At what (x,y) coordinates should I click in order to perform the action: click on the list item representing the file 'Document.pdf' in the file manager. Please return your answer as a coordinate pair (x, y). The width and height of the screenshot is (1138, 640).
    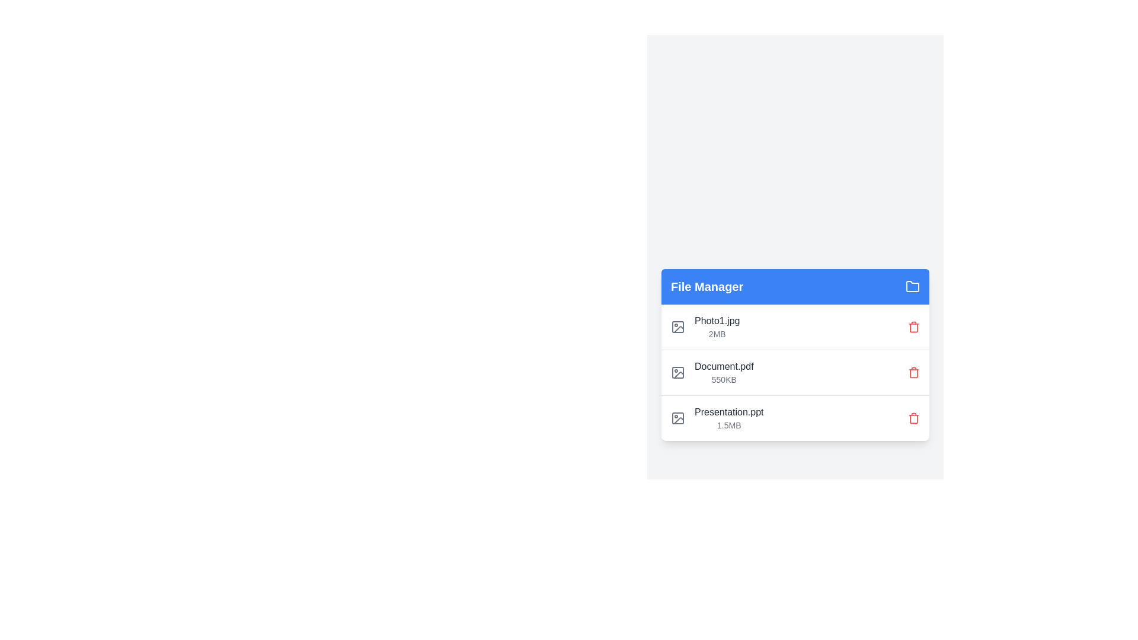
    Looking at the image, I should click on (795, 372).